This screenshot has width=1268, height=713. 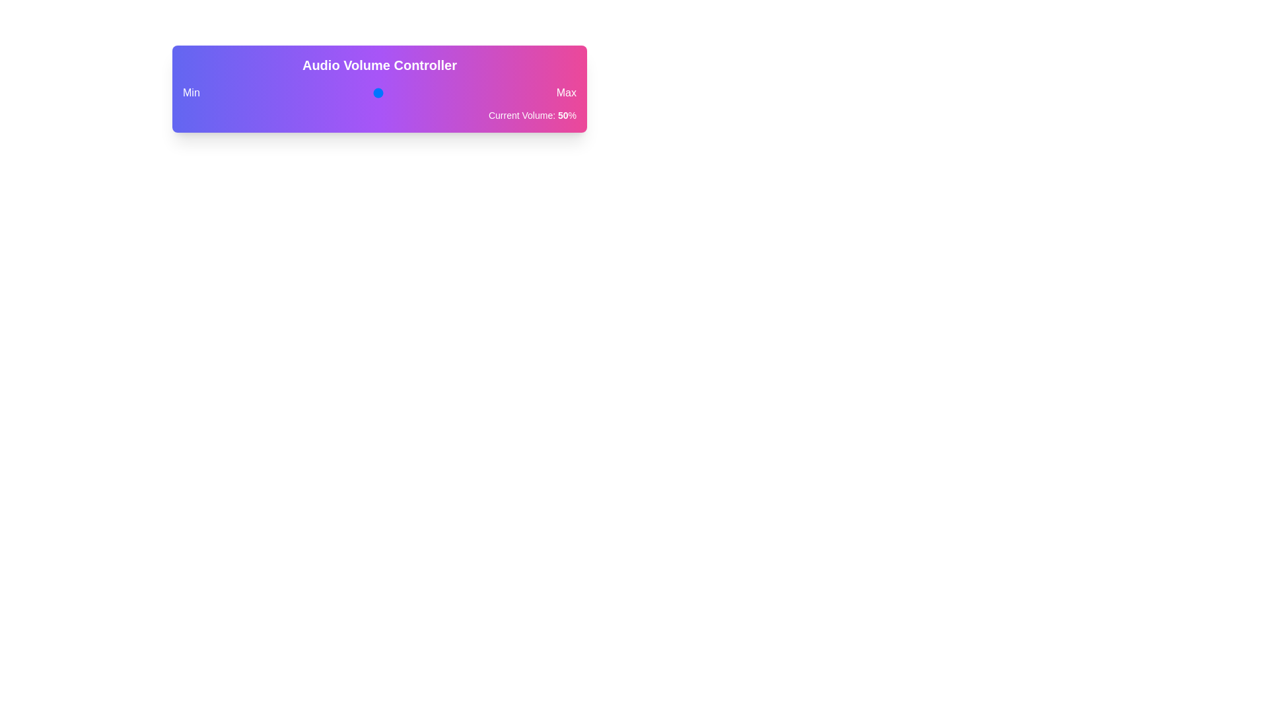 I want to click on the volume slider to 73%, so click(x=455, y=92).